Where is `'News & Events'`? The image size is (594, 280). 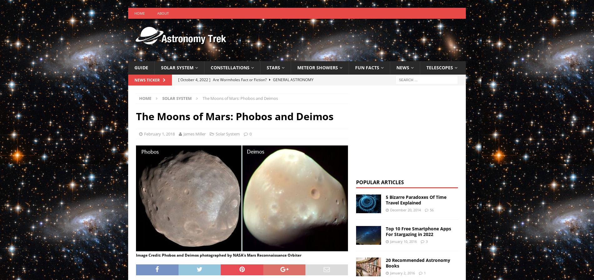
'News & Events' is located at coordinates (178, 116).